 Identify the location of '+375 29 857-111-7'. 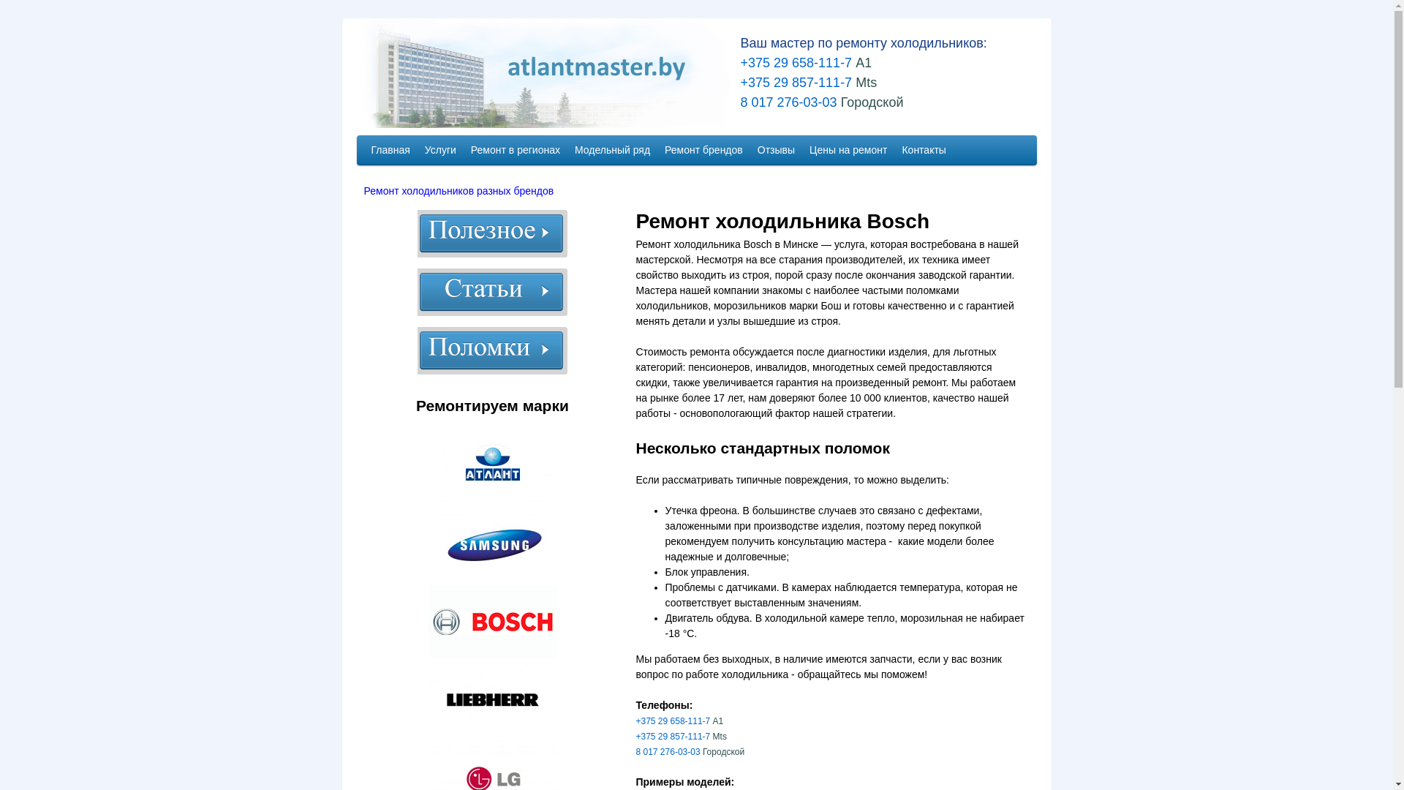
(673, 736).